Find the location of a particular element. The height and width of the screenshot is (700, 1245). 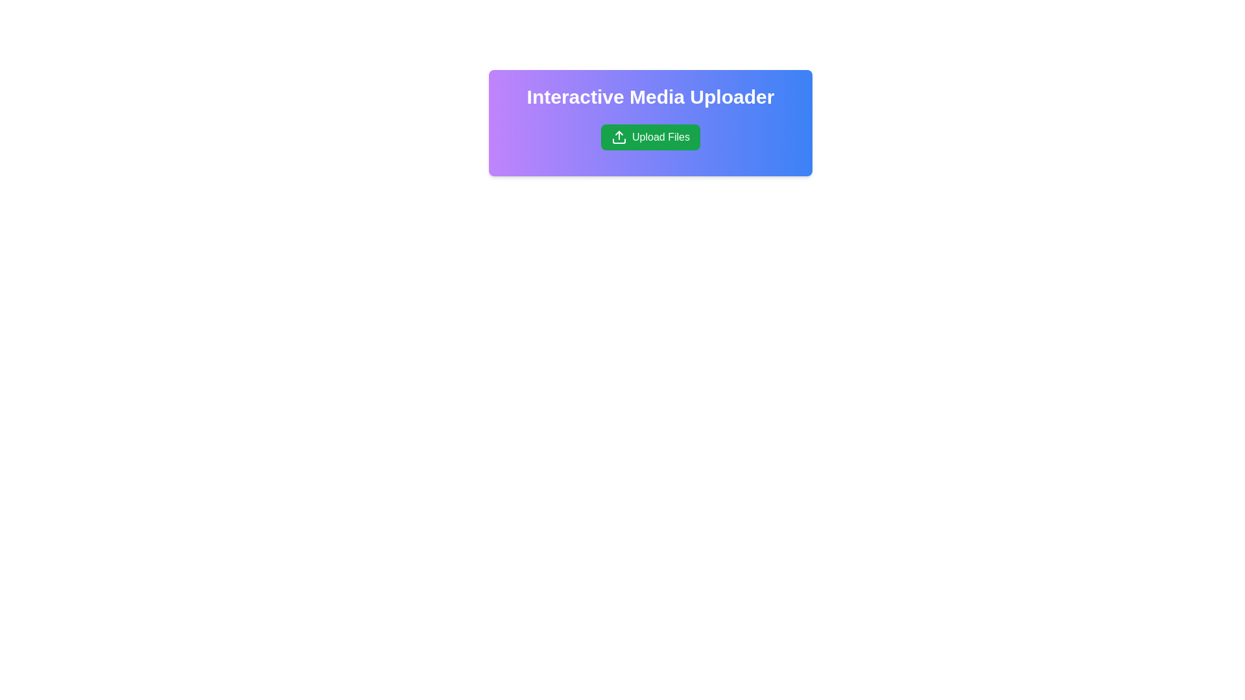

the upload icon, which is represented by an upward arrow and is part of the green button labeled 'Upload Files' is located at coordinates (619, 137).